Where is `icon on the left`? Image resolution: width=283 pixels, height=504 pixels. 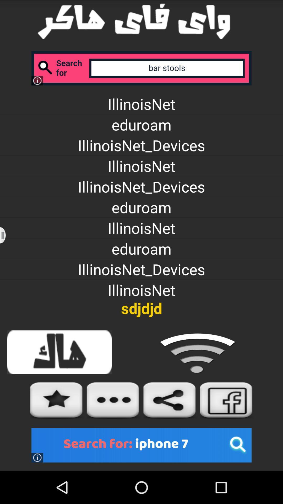 icon on the left is located at coordinates (6, 235).